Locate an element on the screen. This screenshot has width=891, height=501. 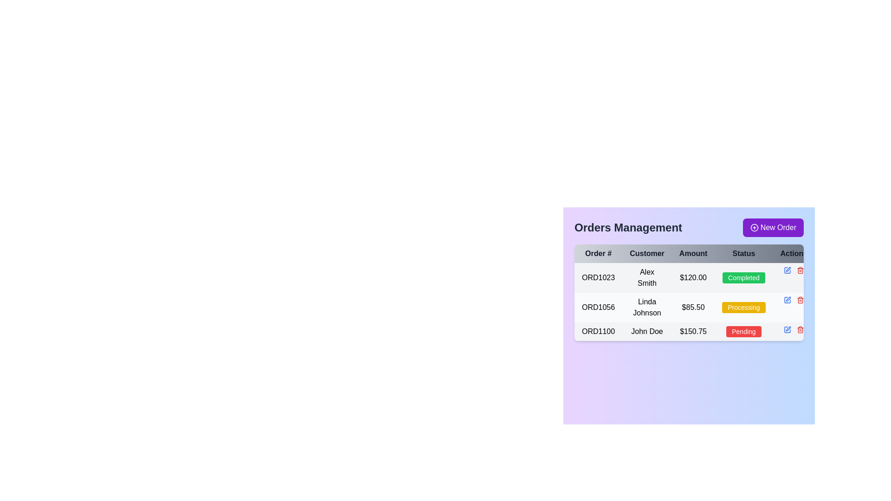
the edit icon button located in the 'Action' column of the table corresponding to order 'ORD1056' to initiate editing is located at coordinates (787, 300).